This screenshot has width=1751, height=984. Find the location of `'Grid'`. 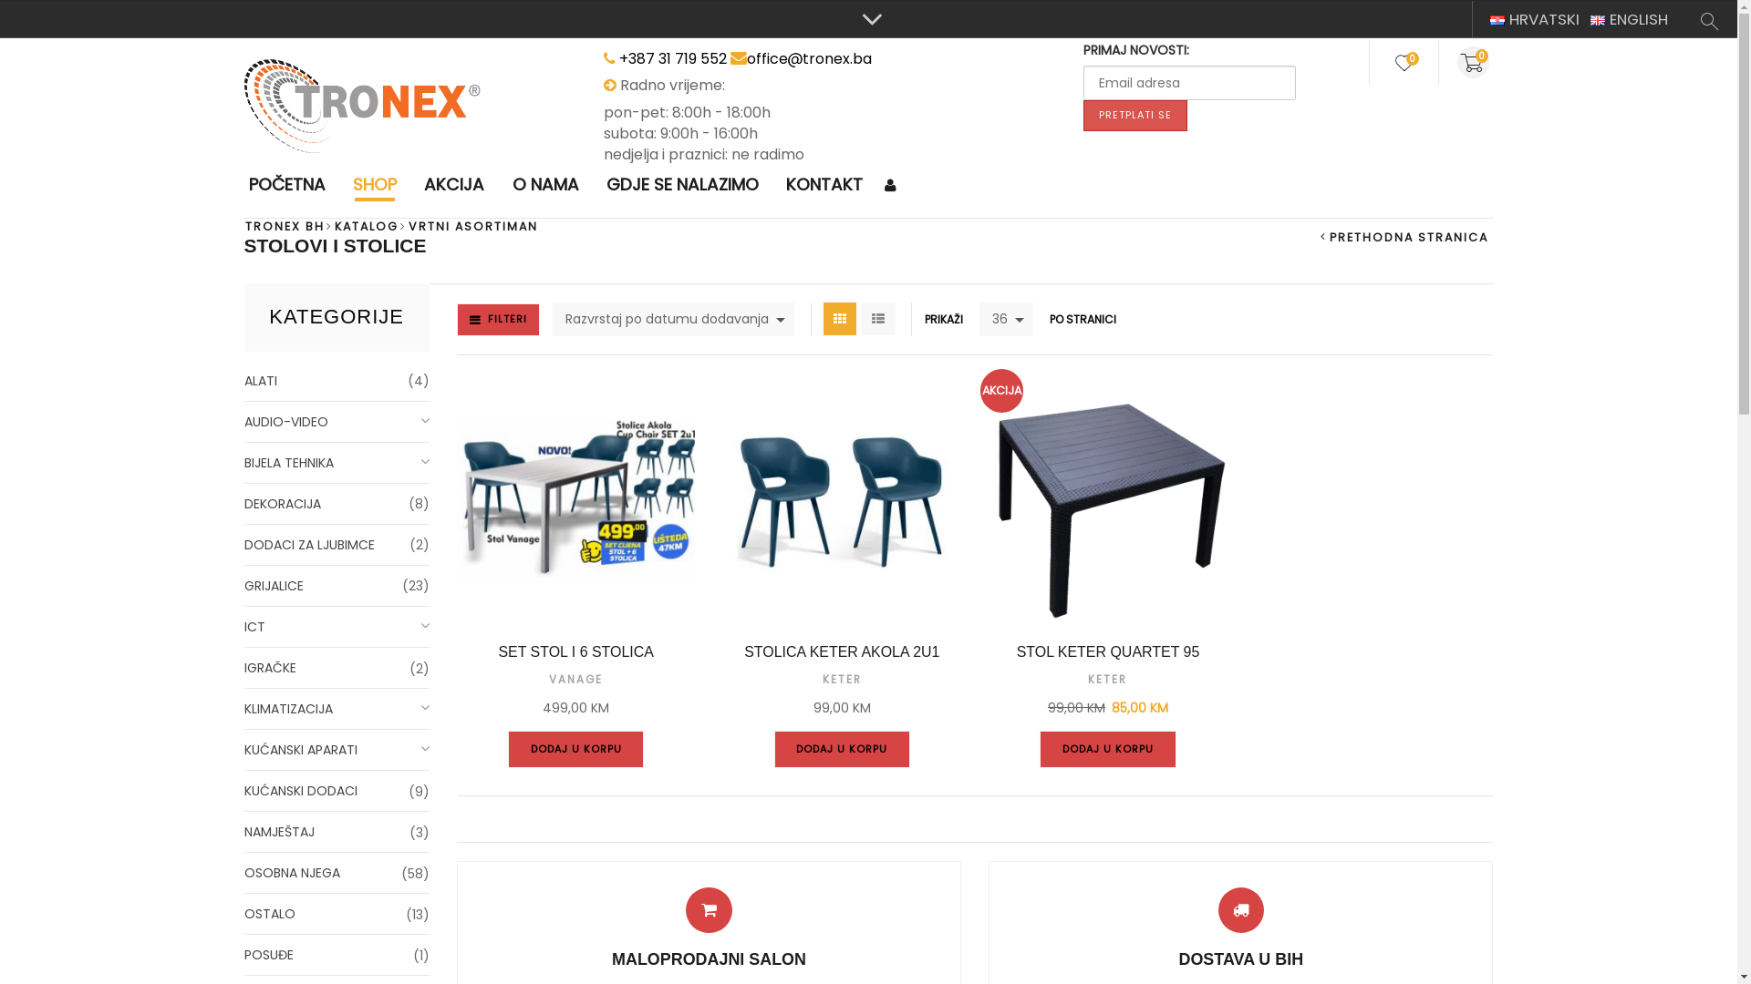

'Grid' is located at coordinates (822, 318).